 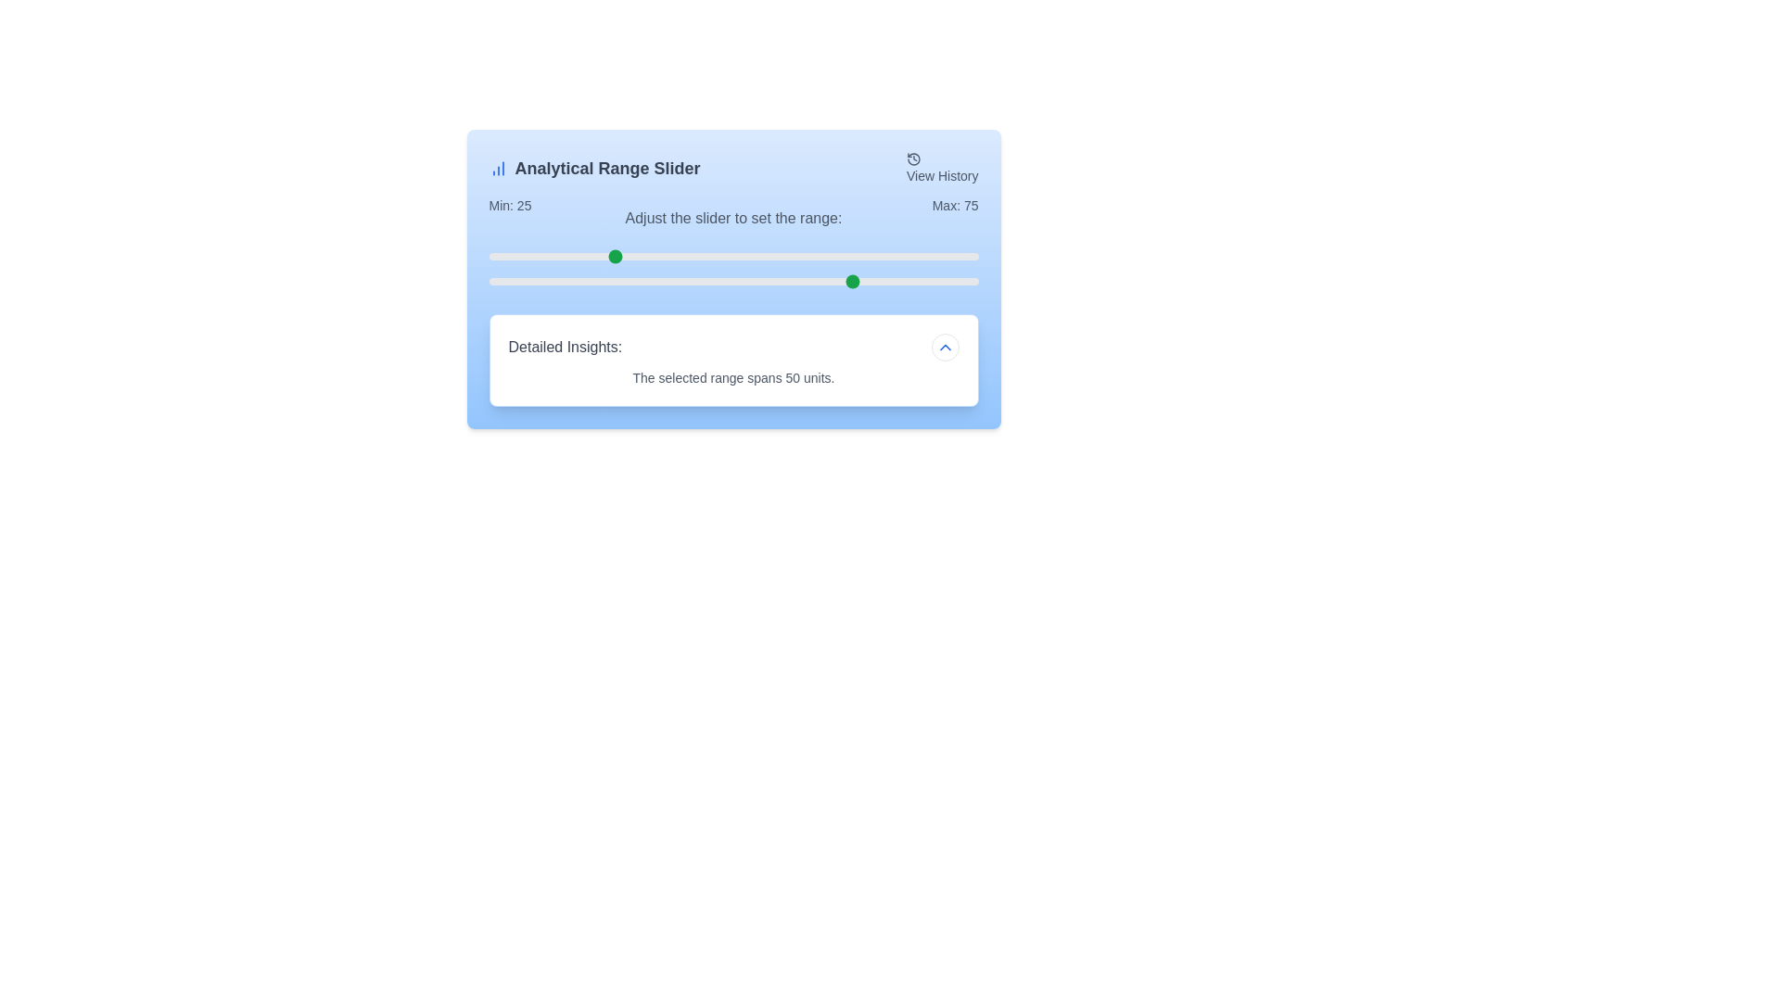 What do you see at coordinates (616, 257) in the screenshot?
I see `the minimum range slider to 26` at bounding box center [616, 257].